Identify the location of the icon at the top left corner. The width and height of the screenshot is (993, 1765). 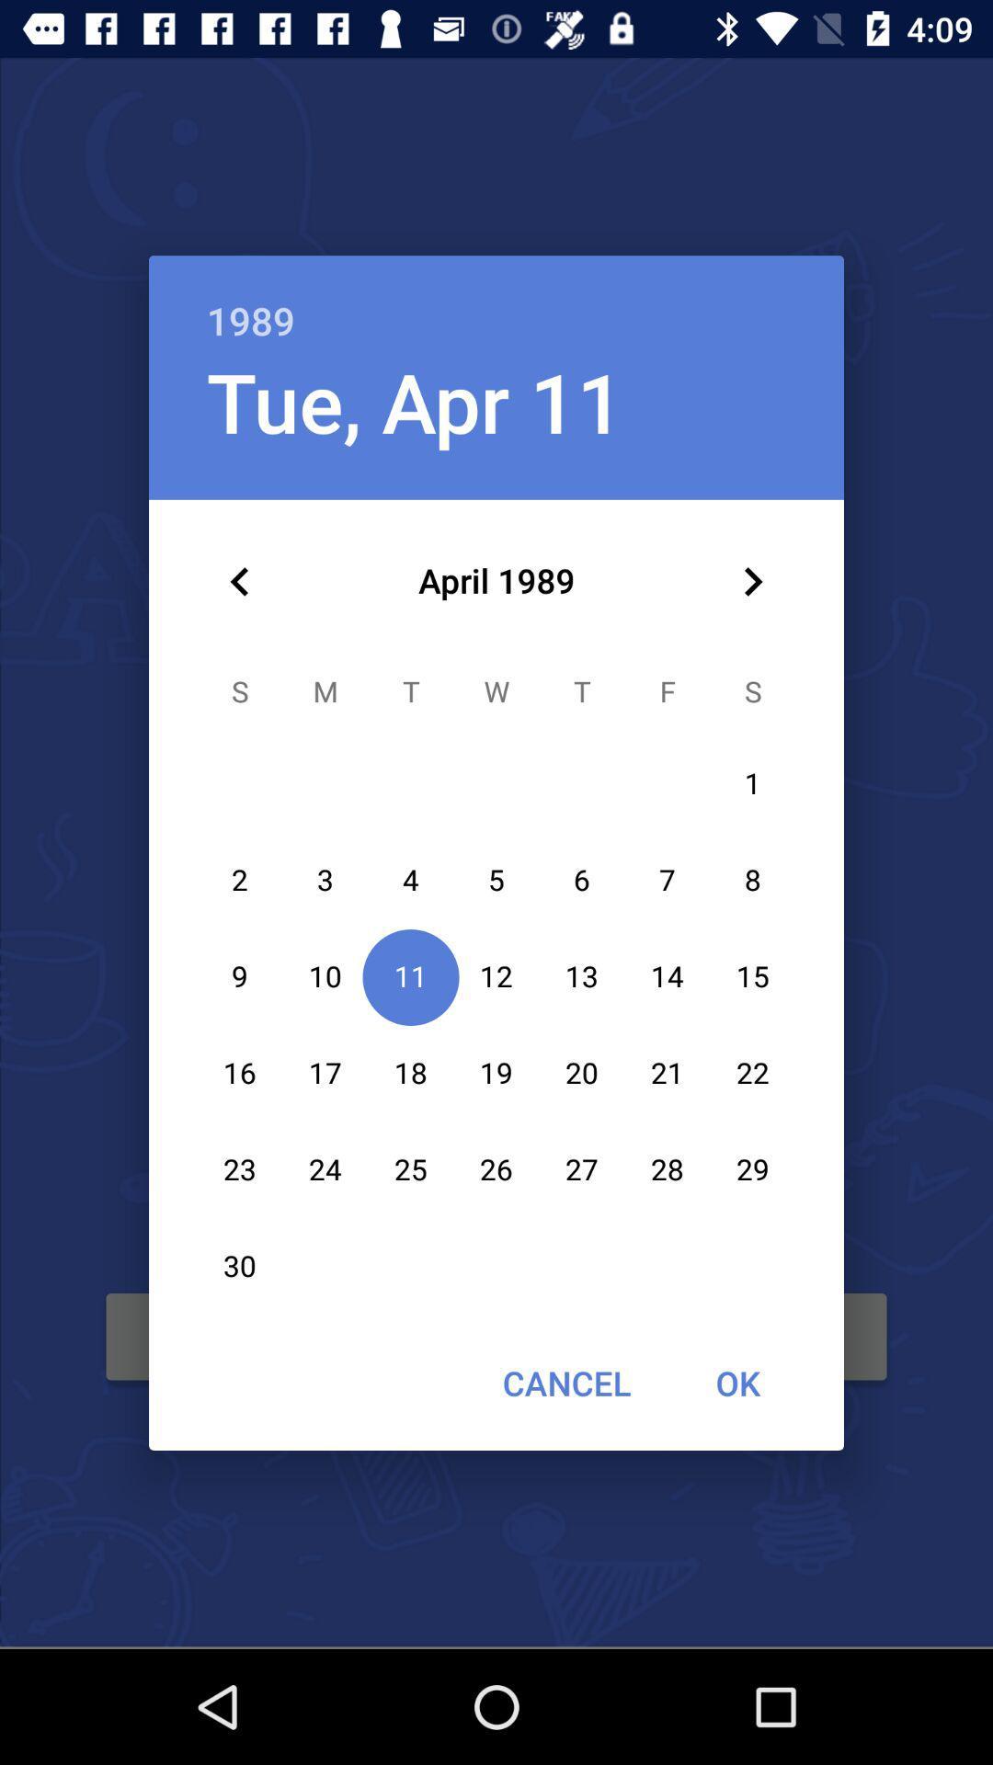
(239, 581).